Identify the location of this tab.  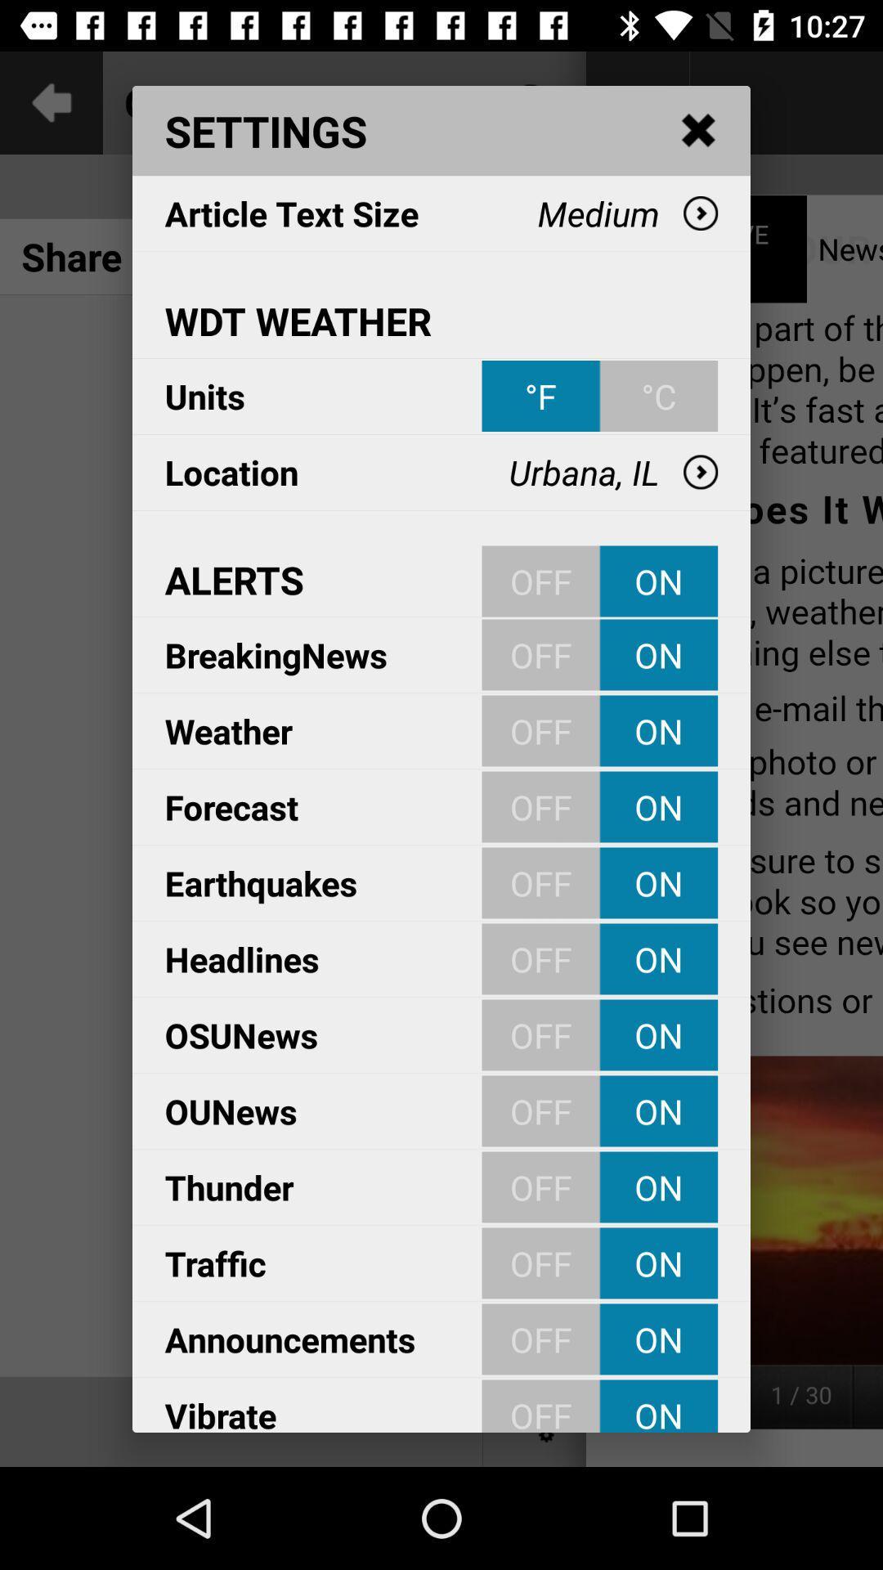
(699, 131).